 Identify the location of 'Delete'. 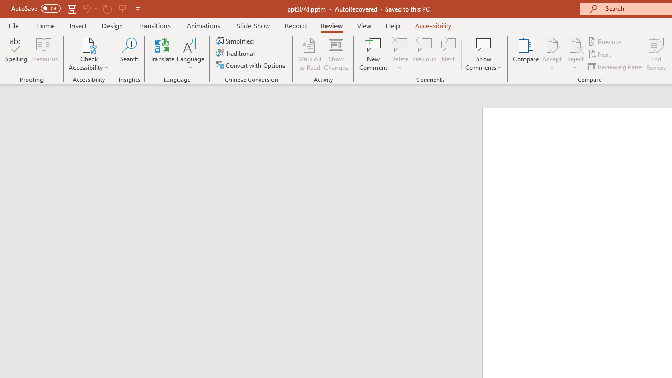
(400, 44).